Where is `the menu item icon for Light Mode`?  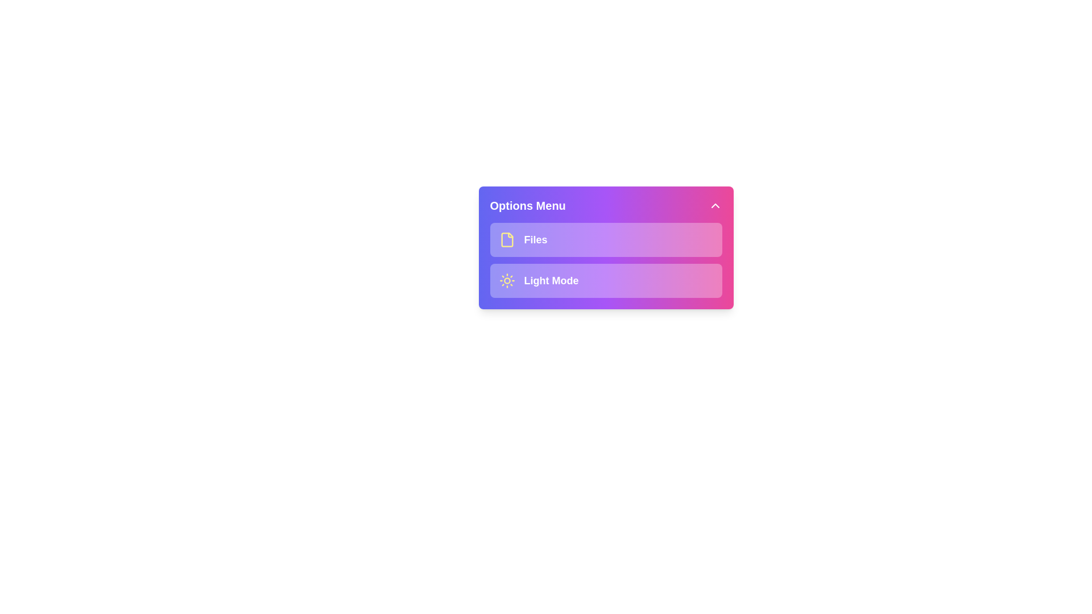 the menu item icon for Light Mode is located at coordinates (506, 280).